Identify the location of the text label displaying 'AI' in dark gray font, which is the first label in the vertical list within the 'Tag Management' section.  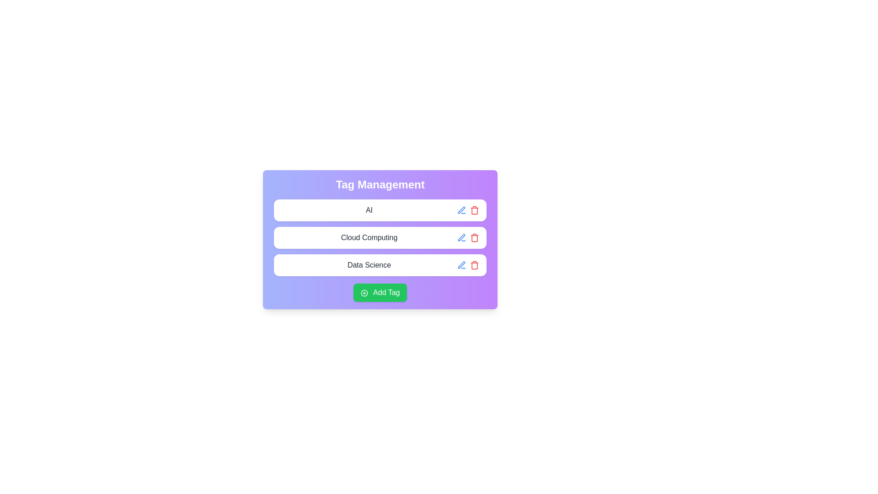
(369, 210).